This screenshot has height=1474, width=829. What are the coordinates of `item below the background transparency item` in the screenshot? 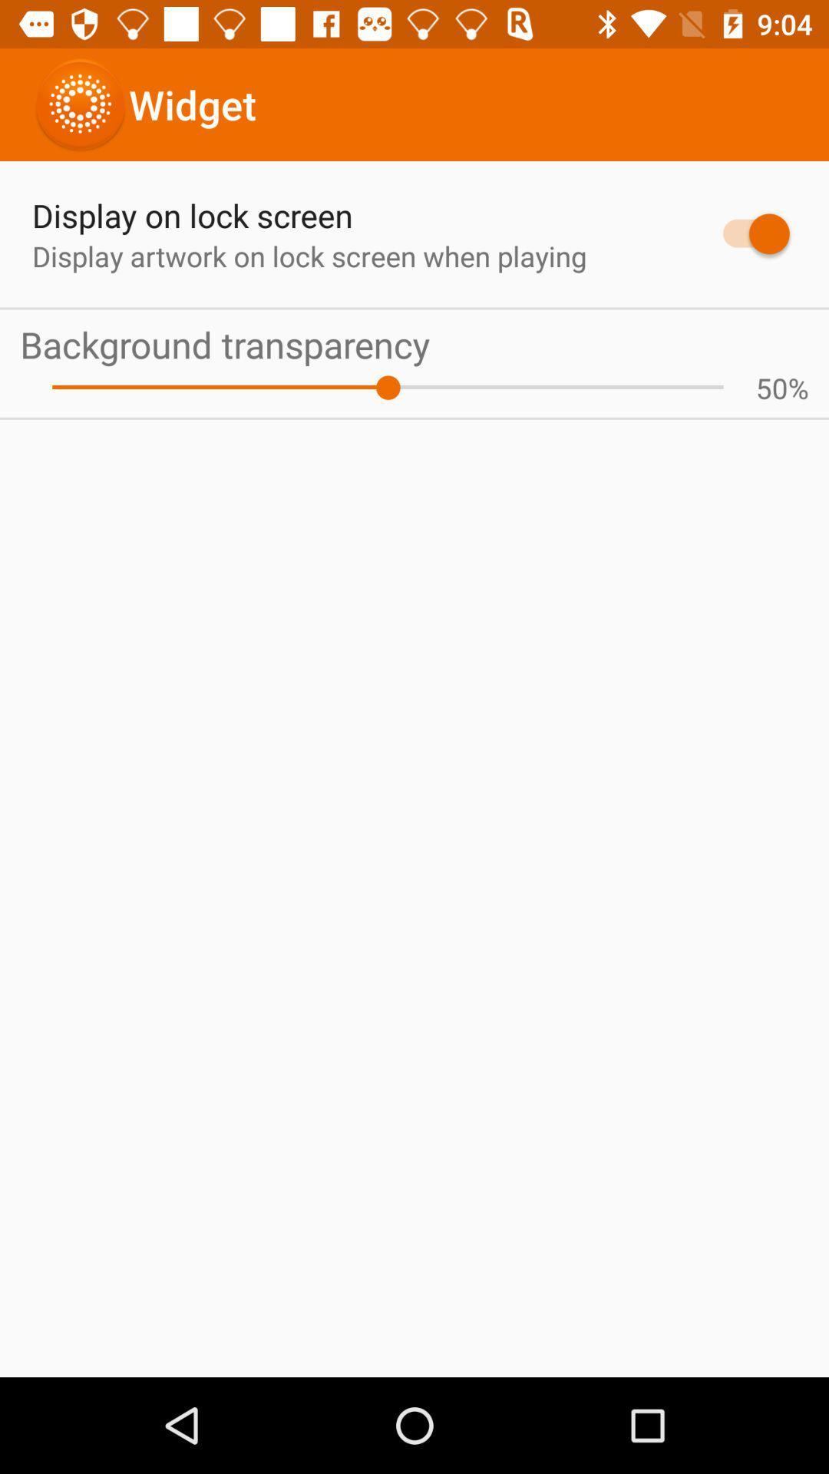 It's located at (387, 388).